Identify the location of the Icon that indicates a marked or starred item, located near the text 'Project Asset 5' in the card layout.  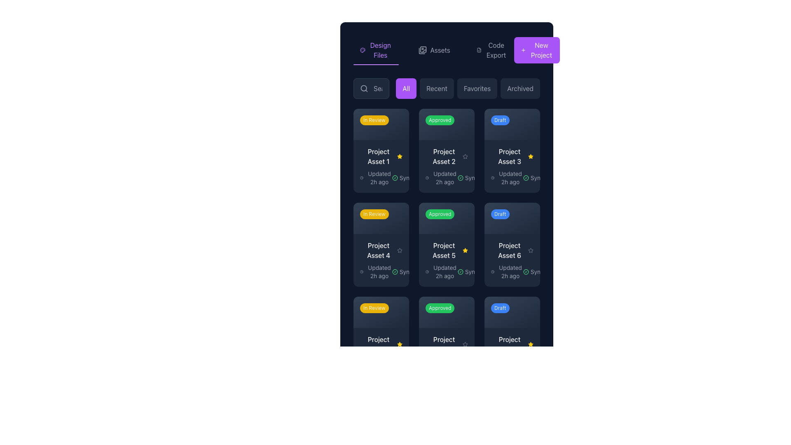
(531, 344).